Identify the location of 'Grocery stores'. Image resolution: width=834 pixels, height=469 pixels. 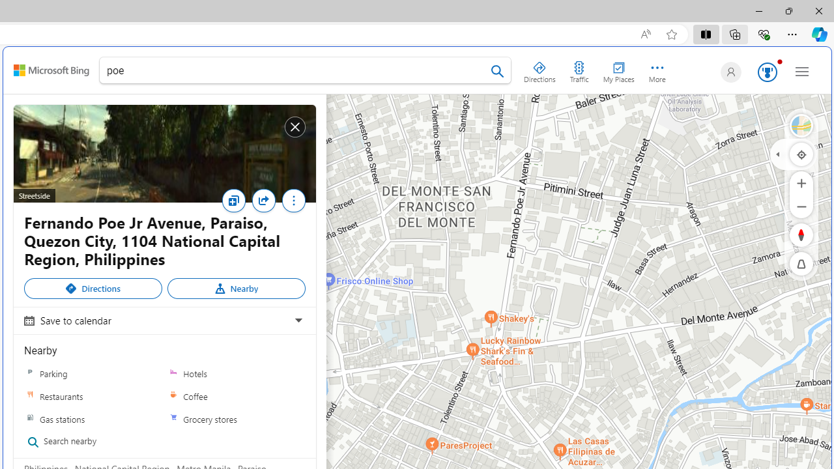
(173, 419).